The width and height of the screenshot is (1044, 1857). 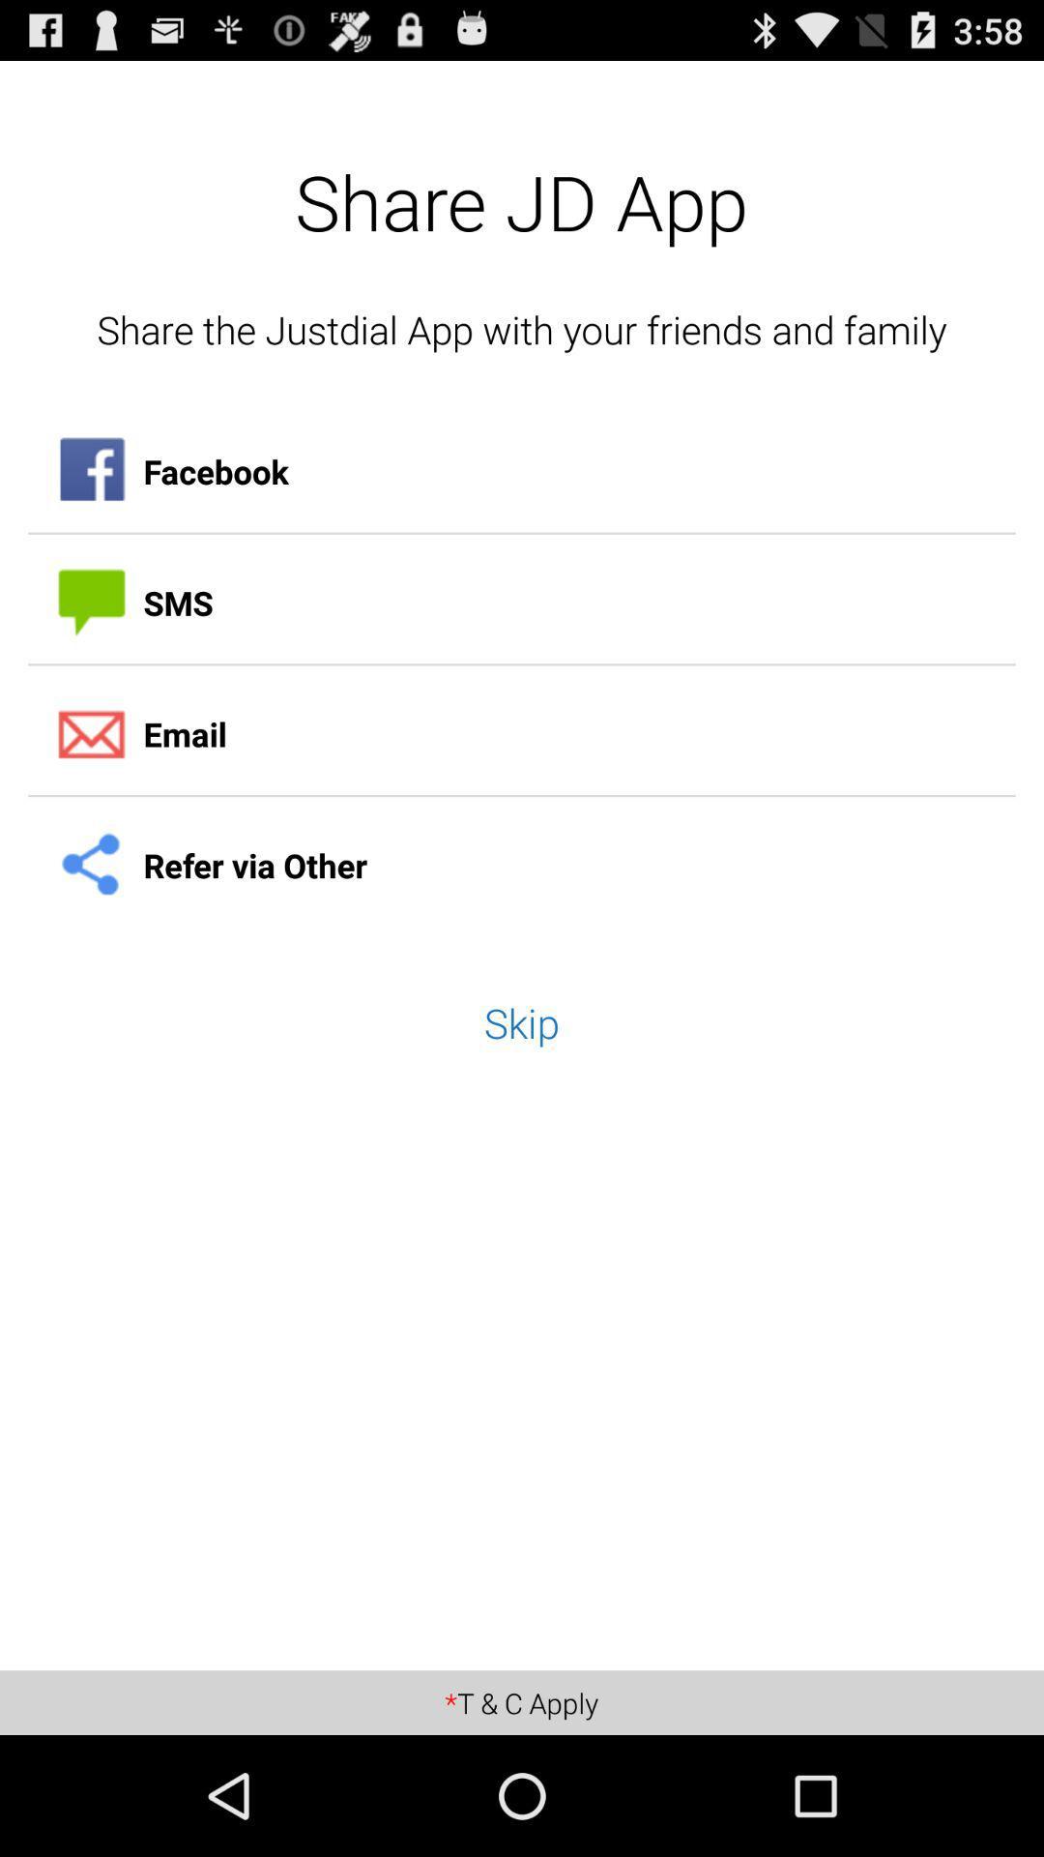 What do you see at coordinates (522, 1021) in the screenshot?
I see `the icon below refer via other icon` at bounding box center [522, 1021].